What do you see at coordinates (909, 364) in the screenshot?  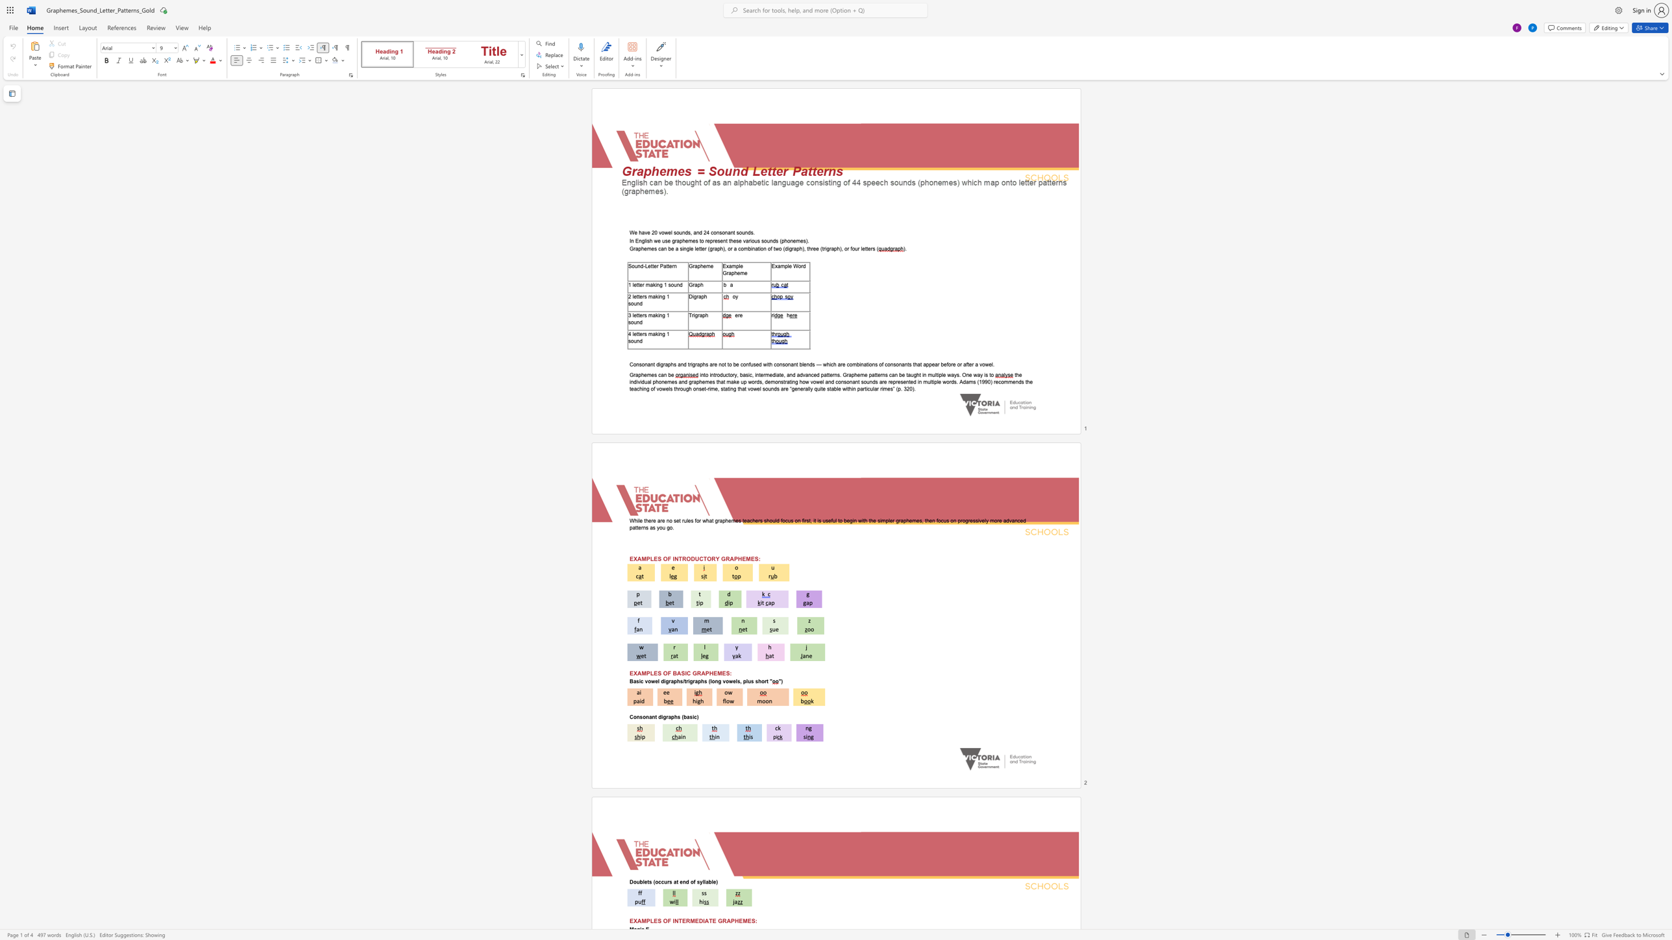 I see `the subset text "s that appear before or afte" within the text "Consonant digraphs and trigraphs are not to be confused with consonant blends — which are combinations of consonants that appear before or after a vowel"` at bounding box center [909, 364].